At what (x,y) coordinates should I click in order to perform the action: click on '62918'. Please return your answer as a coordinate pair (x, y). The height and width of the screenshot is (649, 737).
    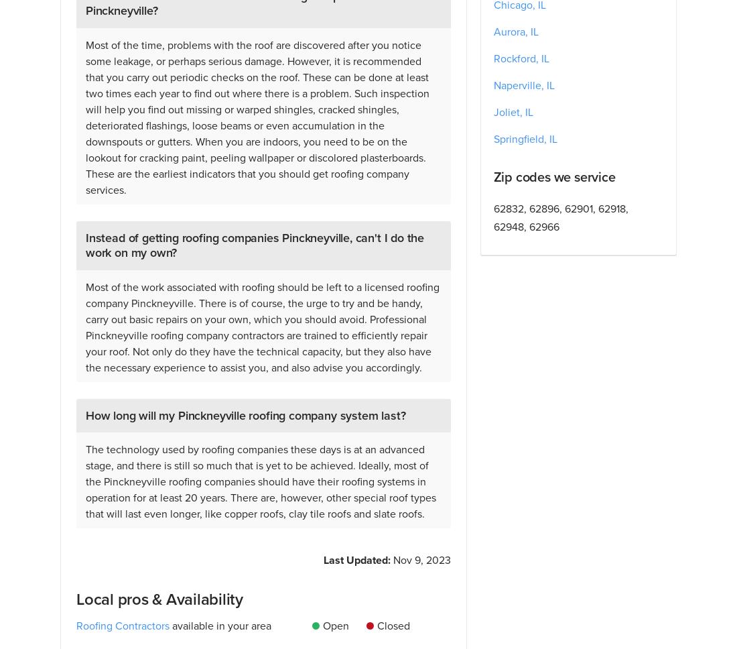
    Looking at the image, I should click on (611, 208).